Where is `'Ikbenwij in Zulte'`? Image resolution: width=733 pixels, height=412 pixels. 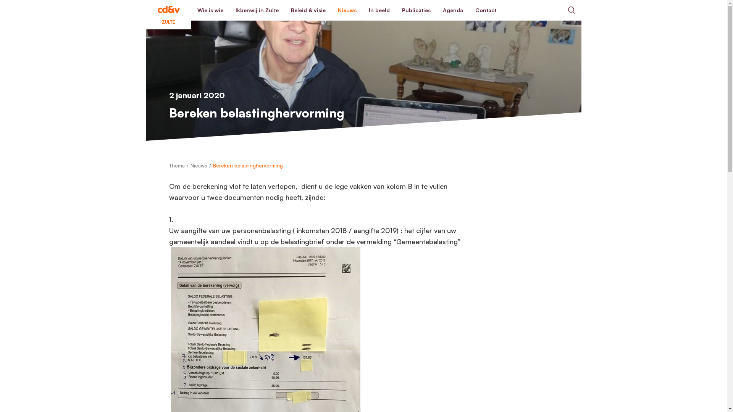 'Ikbenwij in Zulte' is located at coordinates (257, 10).